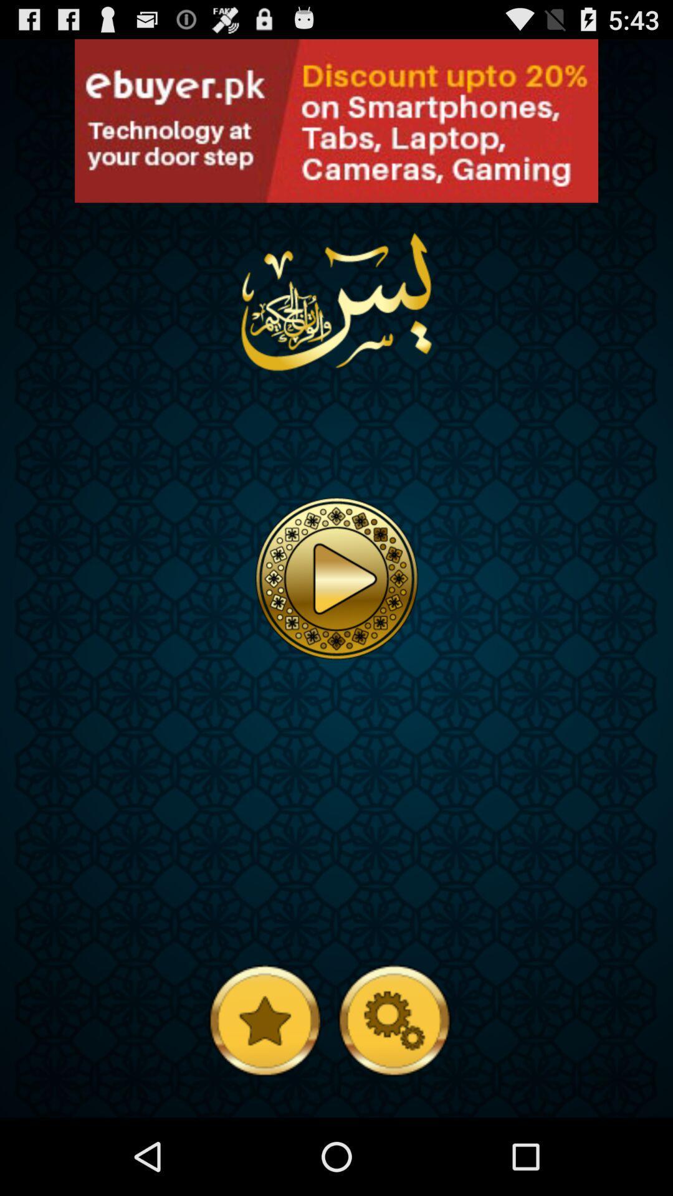 The image size is (673, 1196). Describe the element at coordinates (336, 121) in the screenshot. I see `open an advertisement` at that location.